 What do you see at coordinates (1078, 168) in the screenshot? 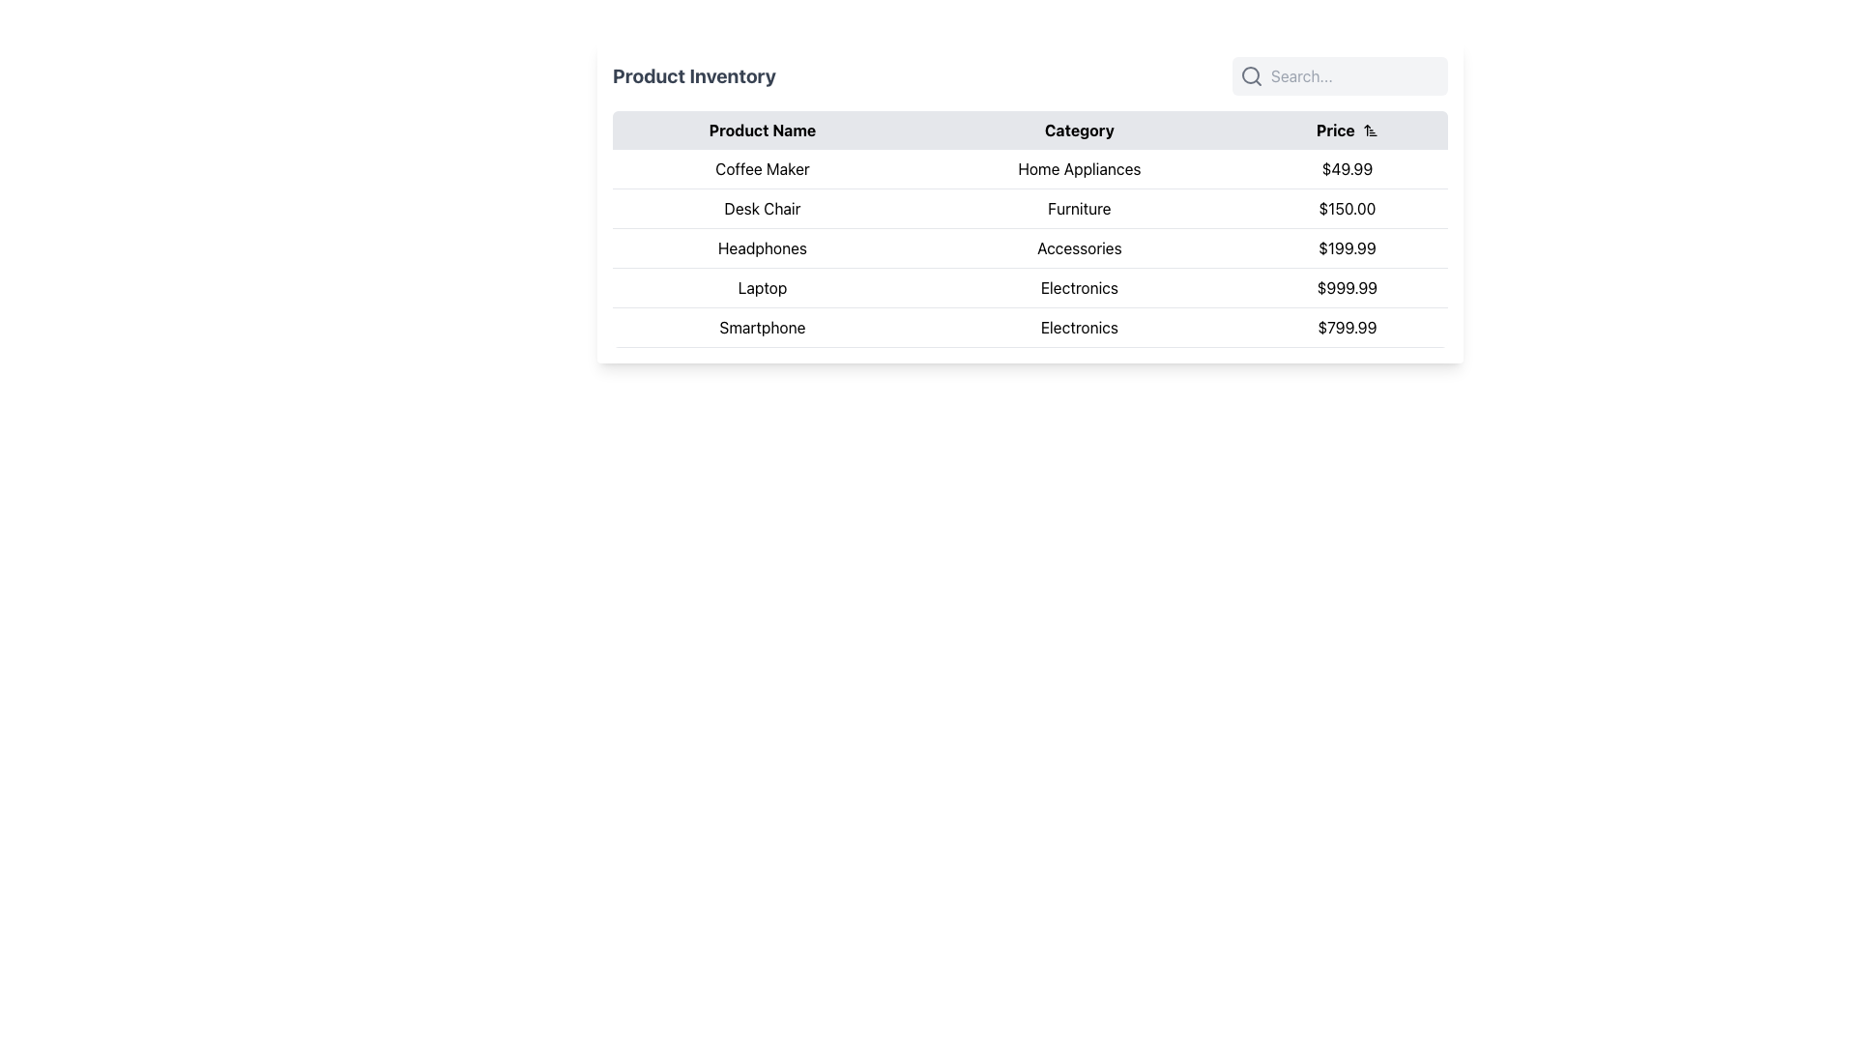
I see `the text label displaying the category 'Coffee Maker' in the table row, which is positioned between the product name and the price` at bounding box center [1078, 168].